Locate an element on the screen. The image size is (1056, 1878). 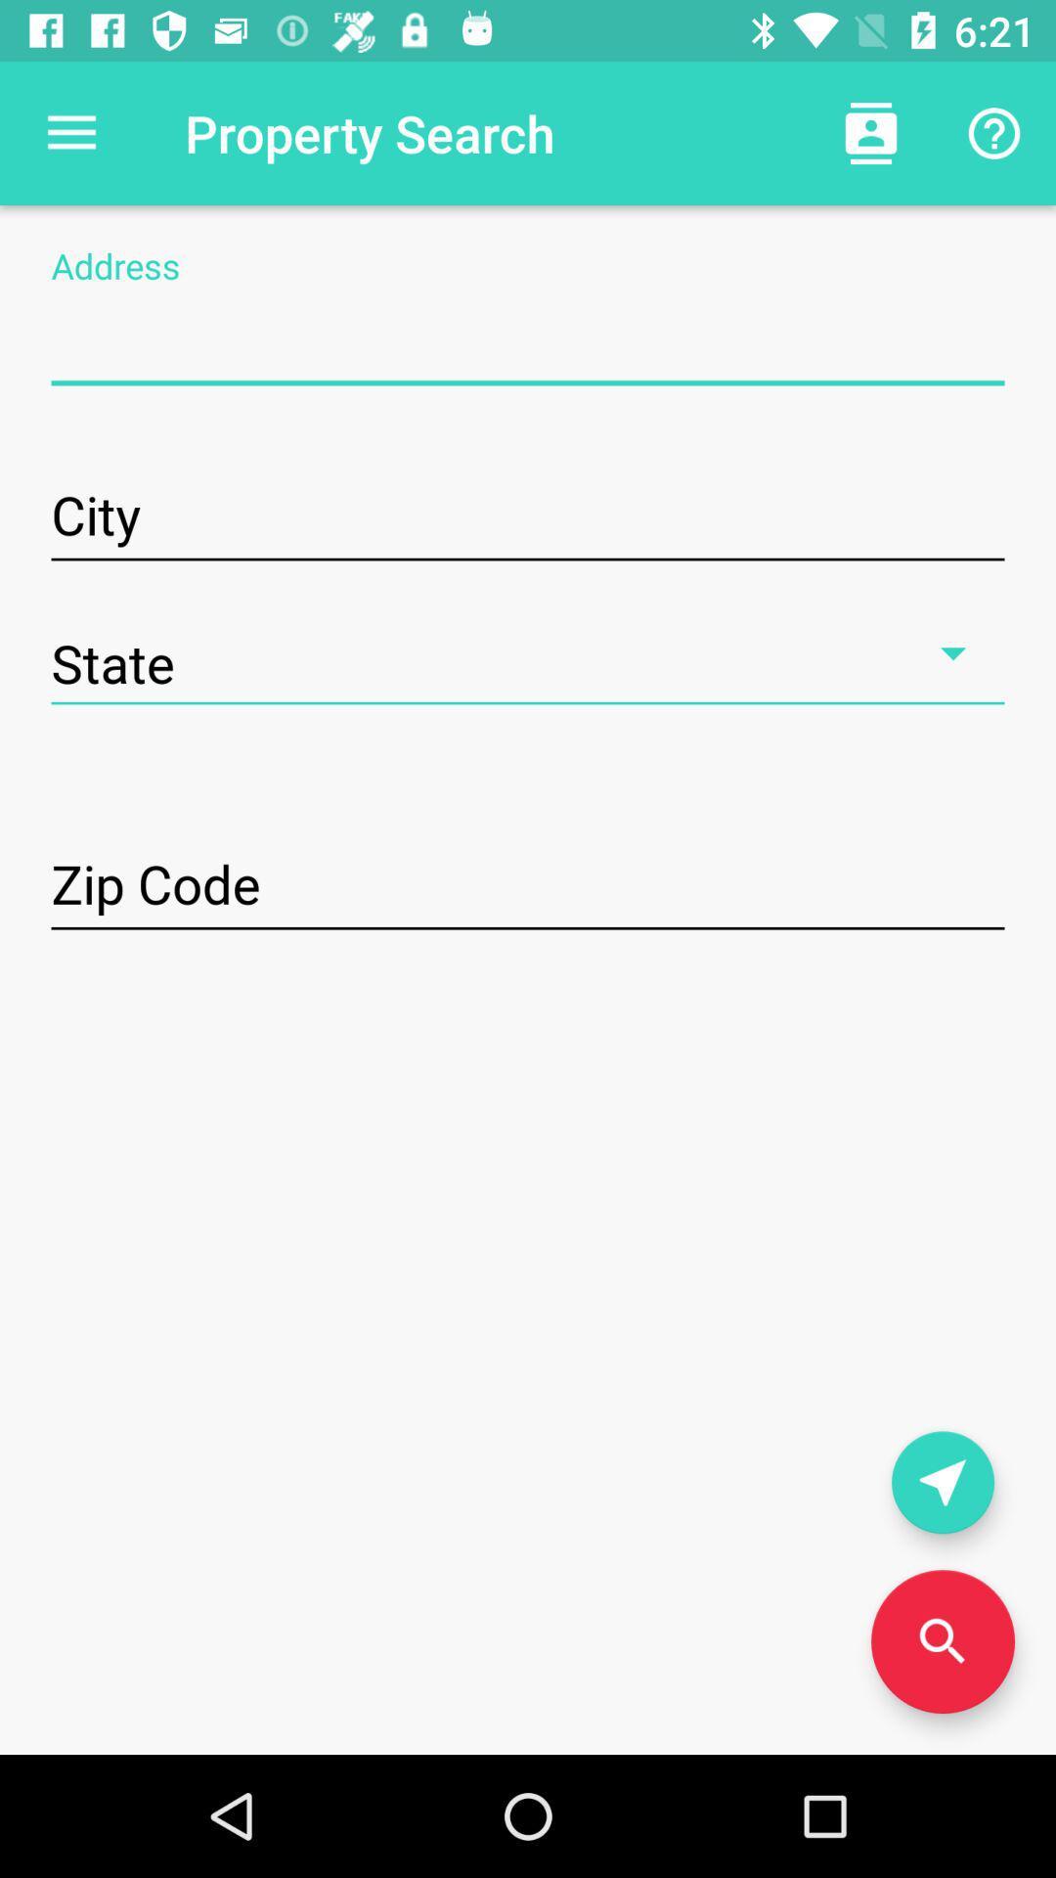
the search icon is located at coordinates (942, 1641).